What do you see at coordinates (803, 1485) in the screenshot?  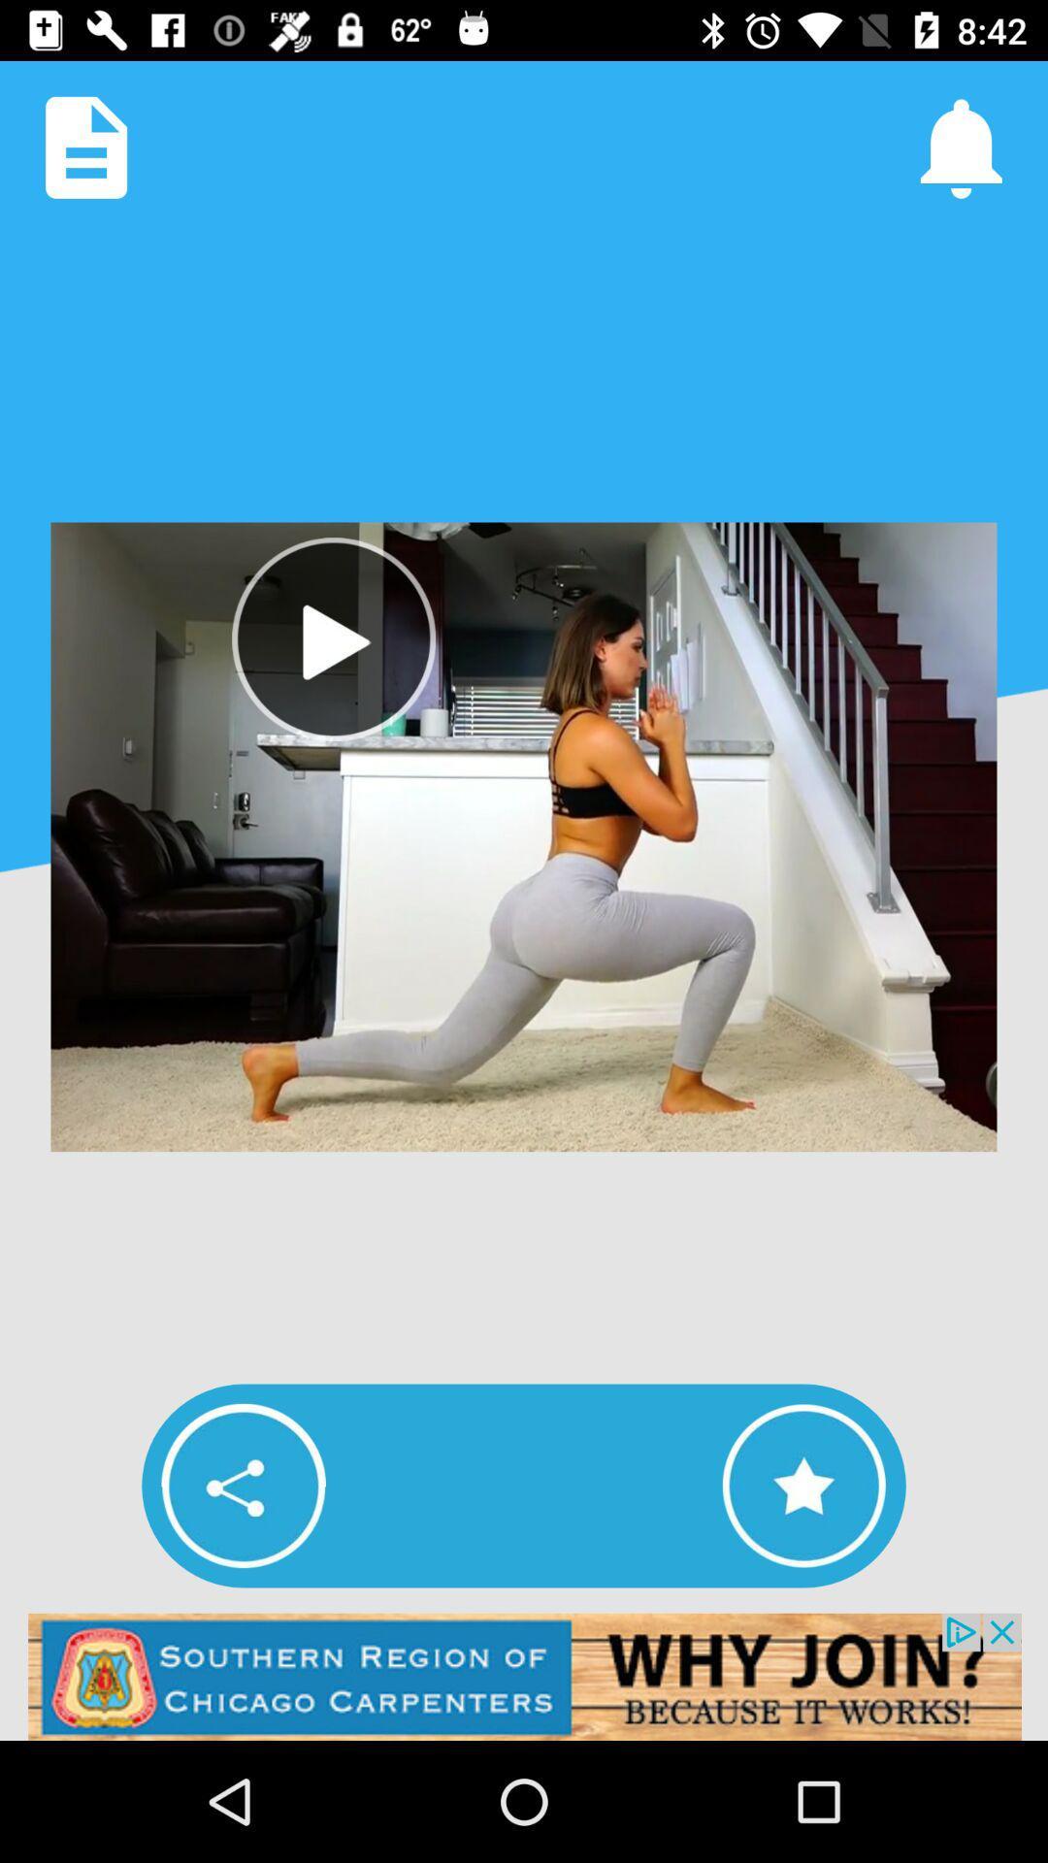 I see `video to favorites` at bounding box center [803, 1485].